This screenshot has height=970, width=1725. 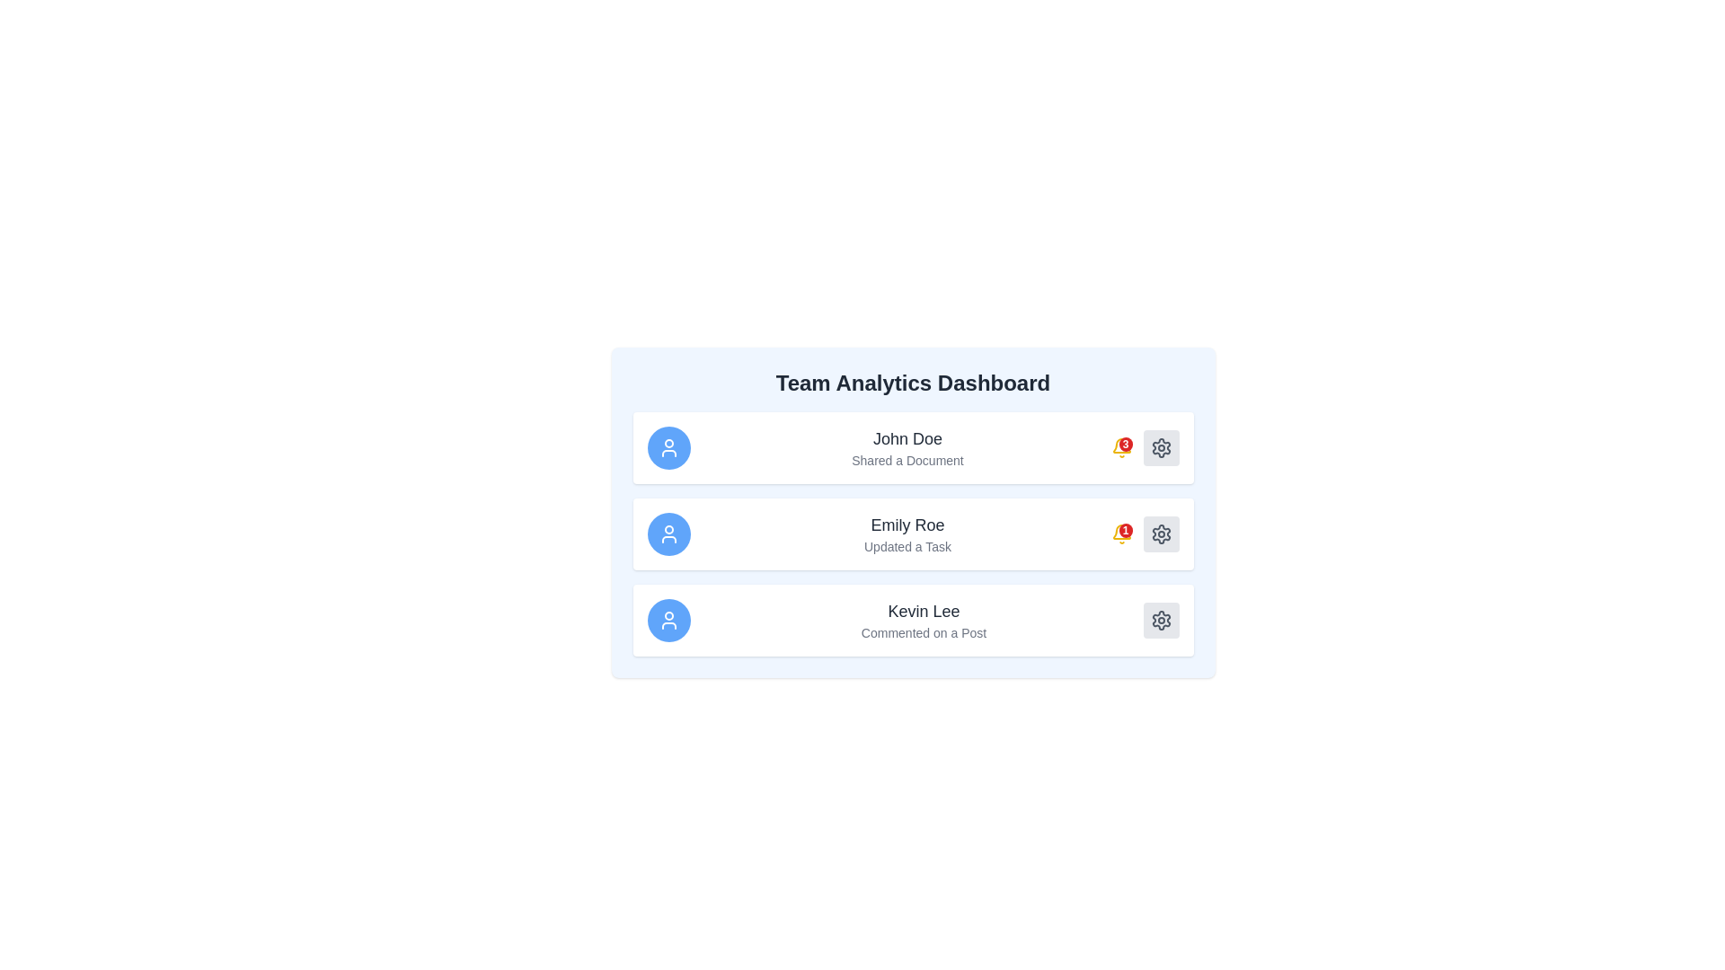 What do you see at coordinates (924, 611) in the screenshot?
I see `the text label displaying the name 'Kevin Lee' in the third list item under 'Team Analytics Dashboard'` at bounding box center [924, 611].